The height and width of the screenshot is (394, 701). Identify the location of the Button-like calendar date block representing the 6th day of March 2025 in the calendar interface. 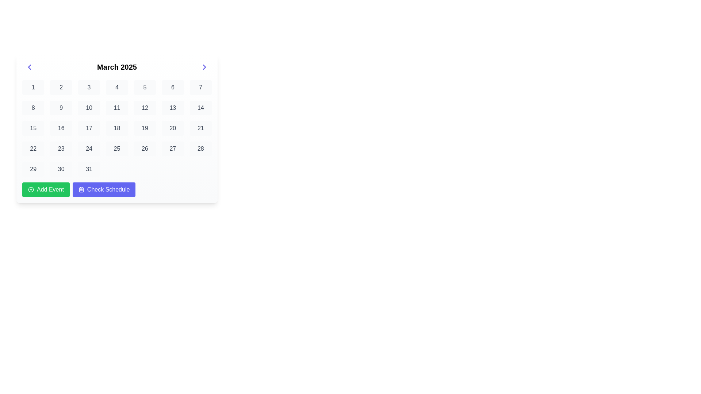
(172, 87).